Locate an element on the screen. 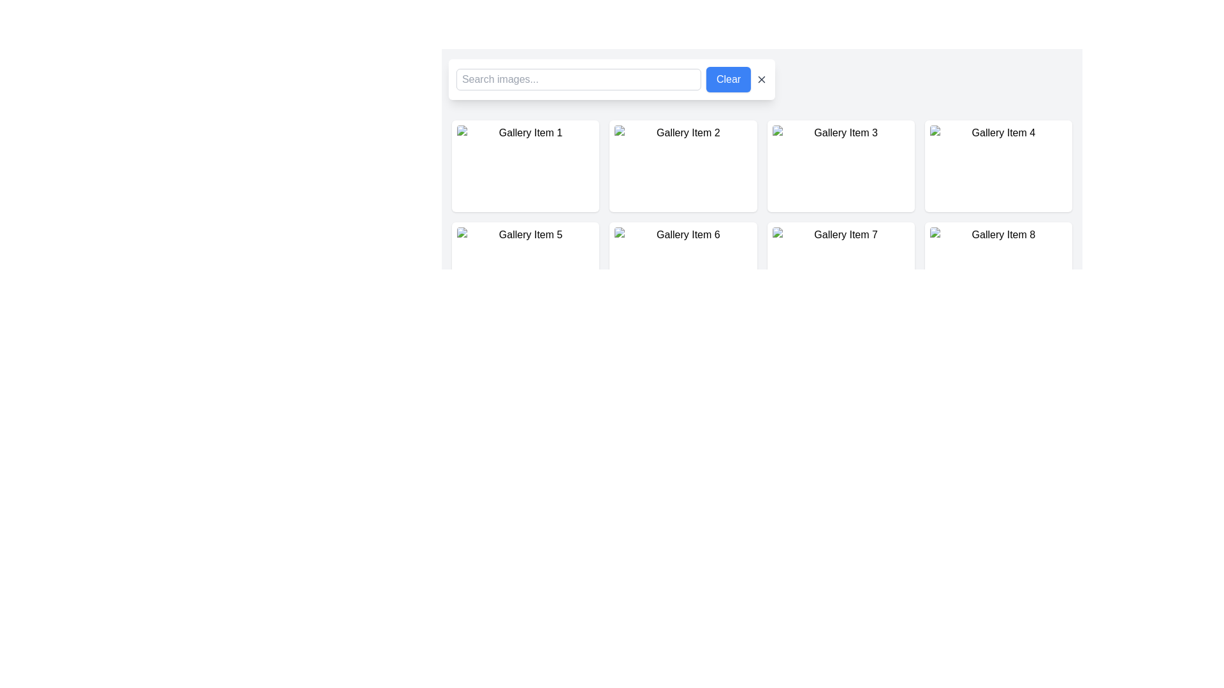  the gallery image placeholder for item 5, which is located in the first position of the second row is located at coordinates (525, 267).